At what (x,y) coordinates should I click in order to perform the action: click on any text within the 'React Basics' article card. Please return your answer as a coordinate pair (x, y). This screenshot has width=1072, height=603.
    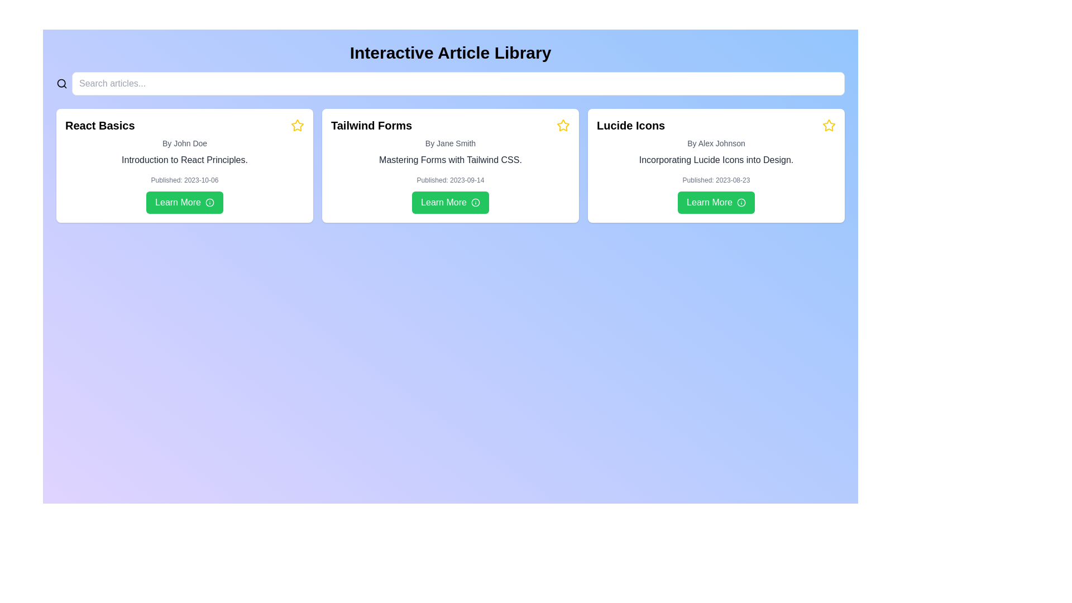
    Looking at the image, I should click on (185, 166).